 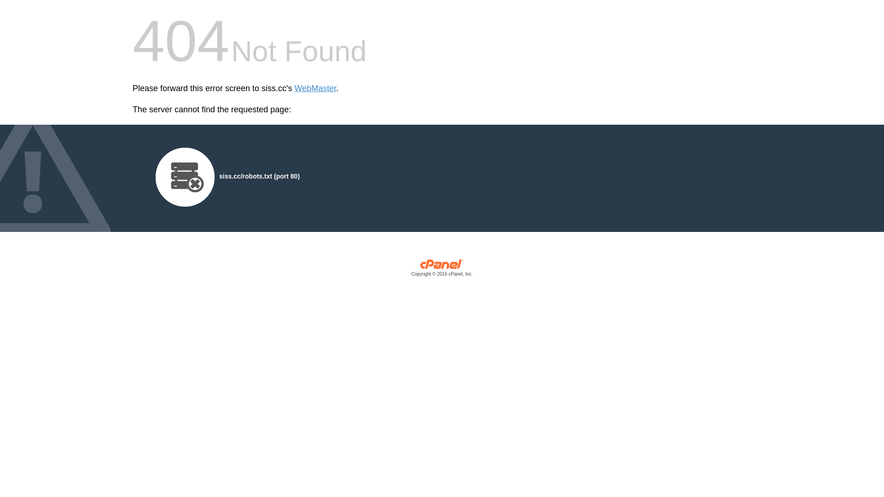 What do you see at coordinates (315, 88) in the screenshot?
I see `'WebMaster'` at bounding box center [315, 88].